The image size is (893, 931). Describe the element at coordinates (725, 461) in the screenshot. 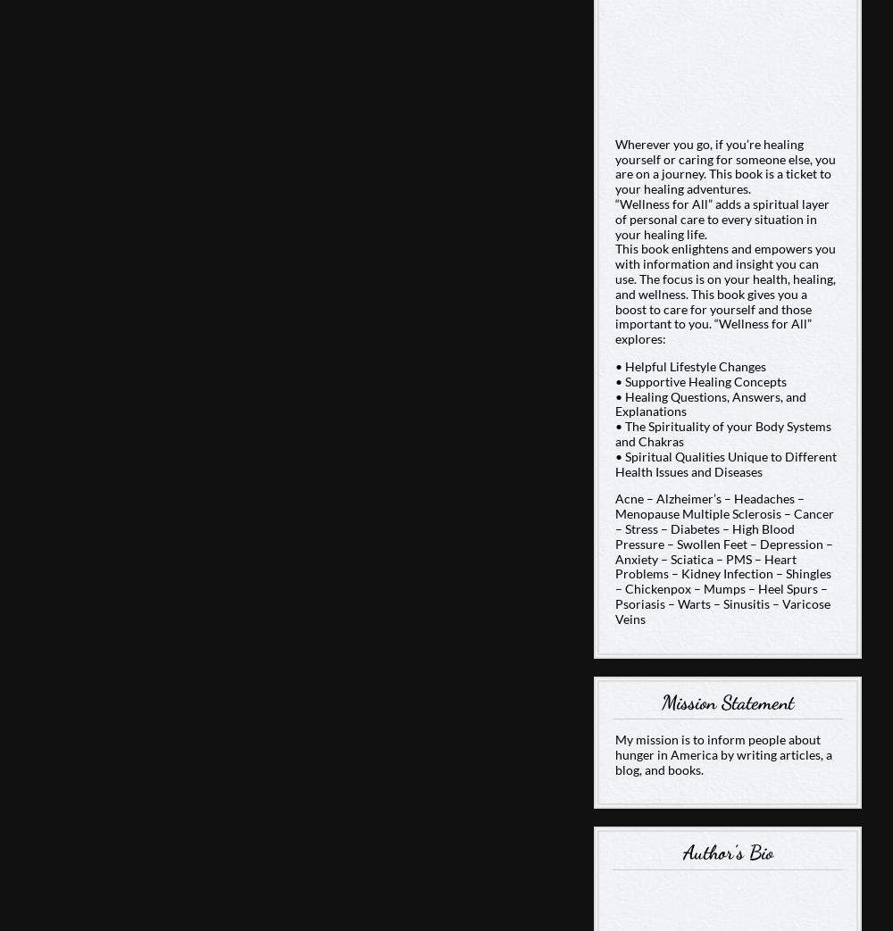

I see `'• Spiritual Qualities Unique to Different Health Issues and Diseases'` at that location.